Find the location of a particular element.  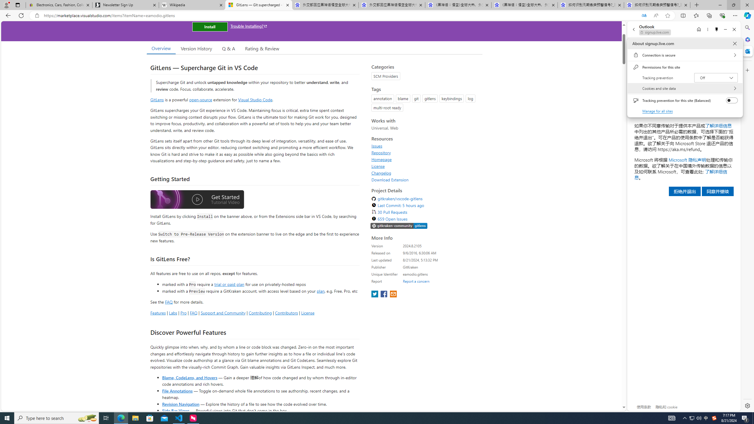

'Tracking prevention Off' is located at coordinates (716, 77).